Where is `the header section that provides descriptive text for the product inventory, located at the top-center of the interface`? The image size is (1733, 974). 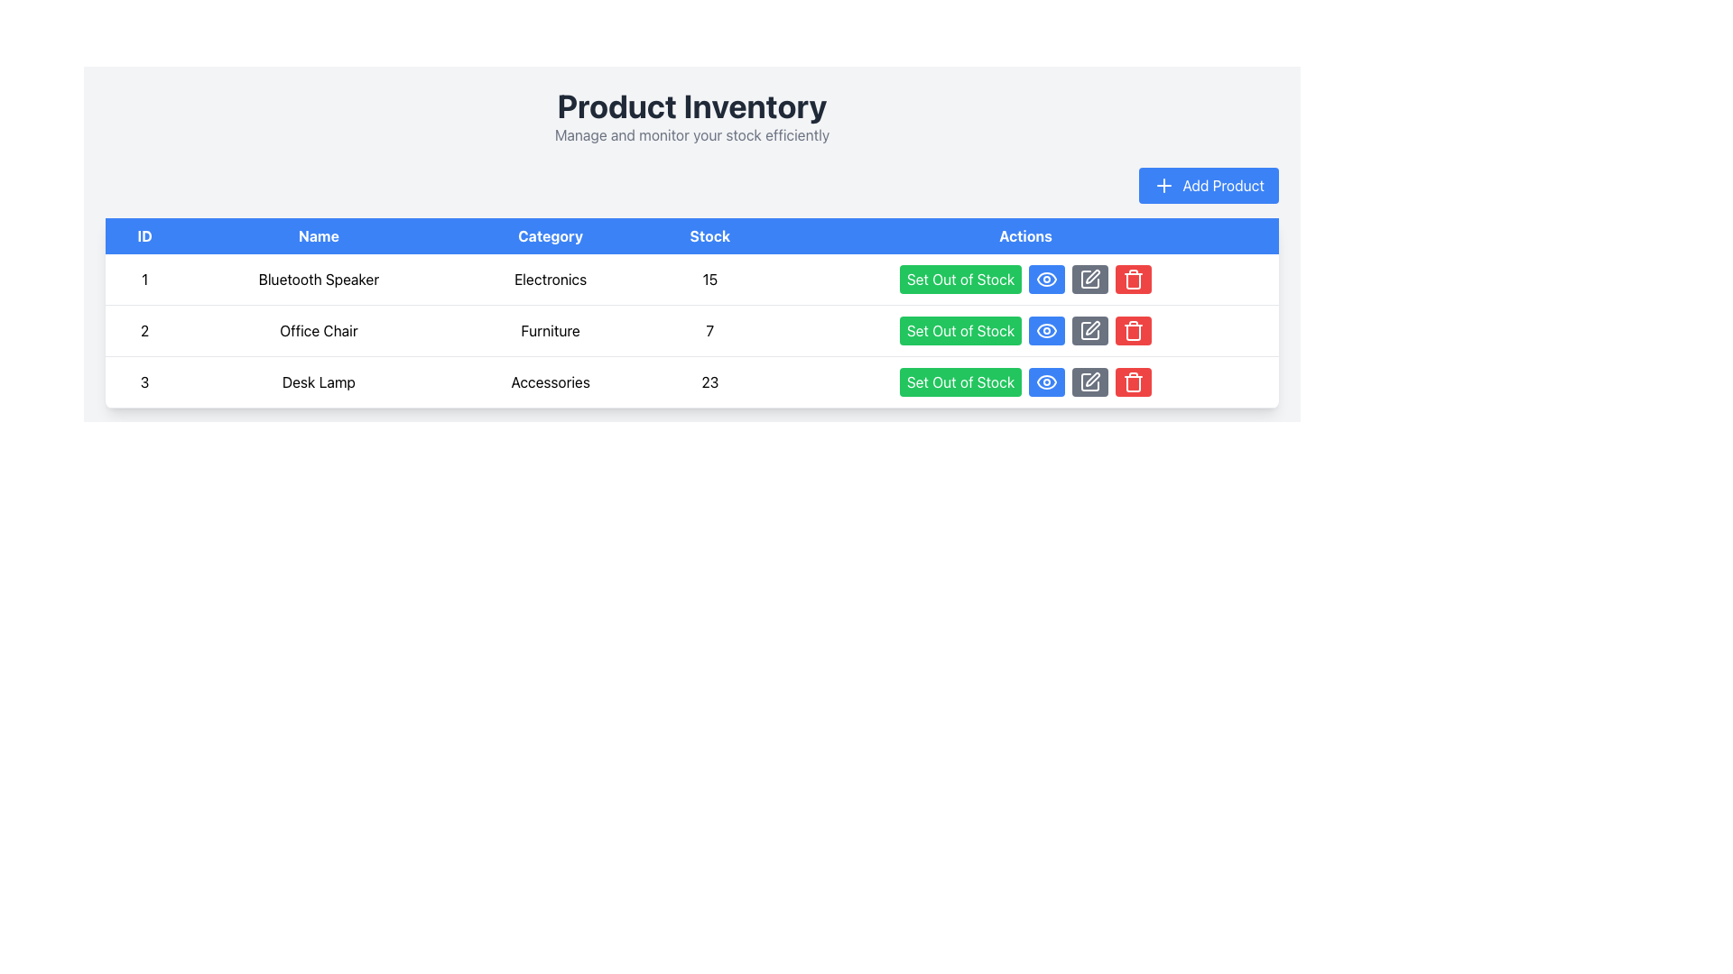
the header section that provides descriptive text for the product inventory, located at the top-center of the interface is located at coordinates (691, 117).